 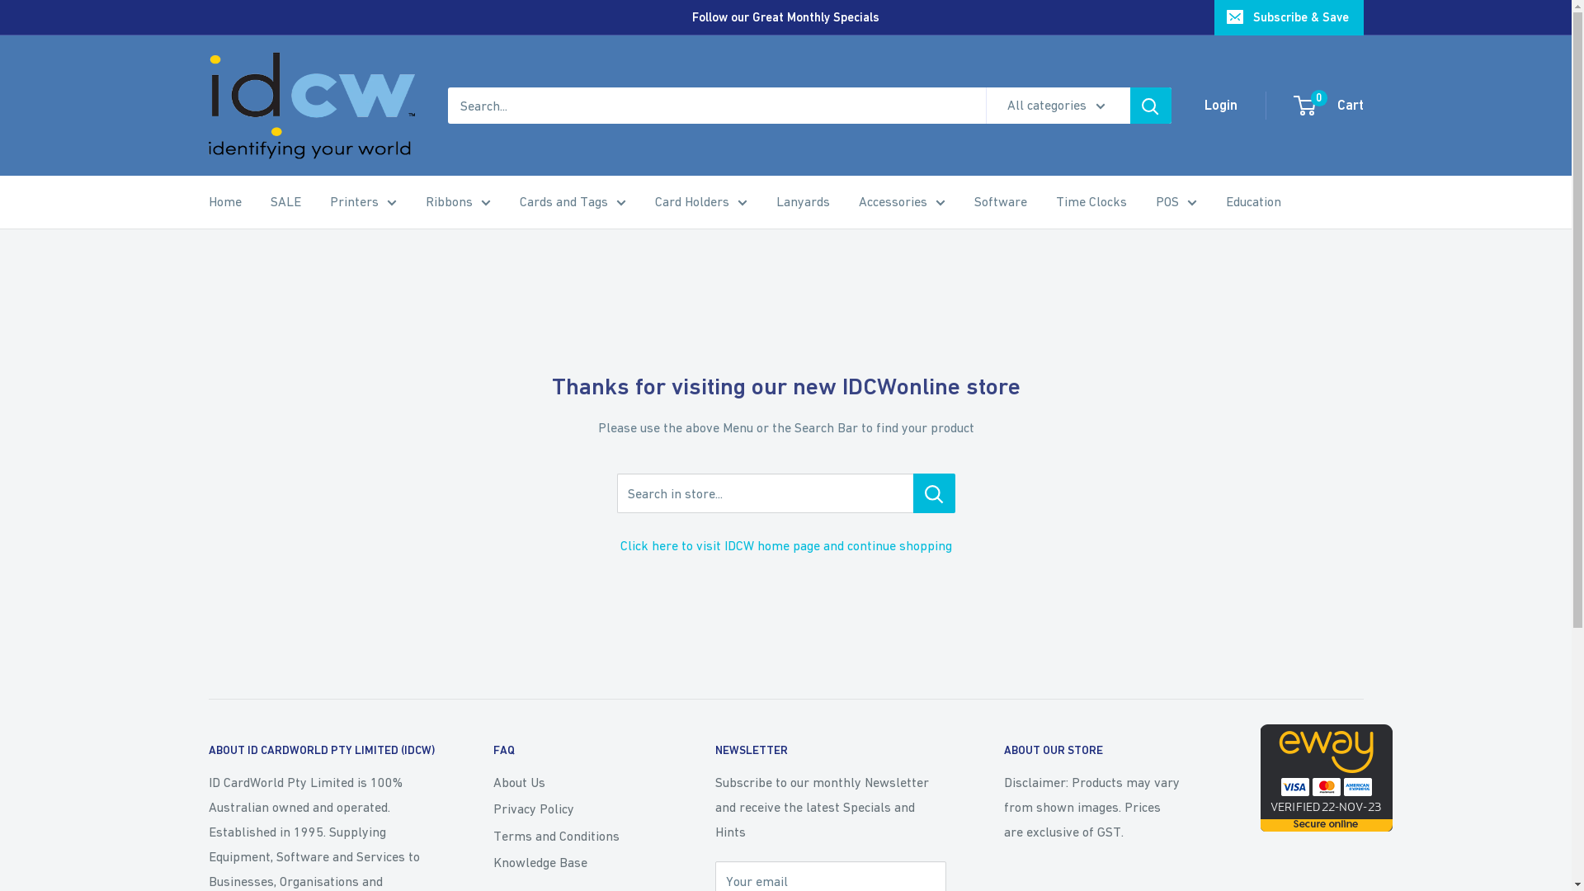 What do you see at coordinates (999, 201) in the screenshot?
I see `'Software'` at bounding box center [999, 201].